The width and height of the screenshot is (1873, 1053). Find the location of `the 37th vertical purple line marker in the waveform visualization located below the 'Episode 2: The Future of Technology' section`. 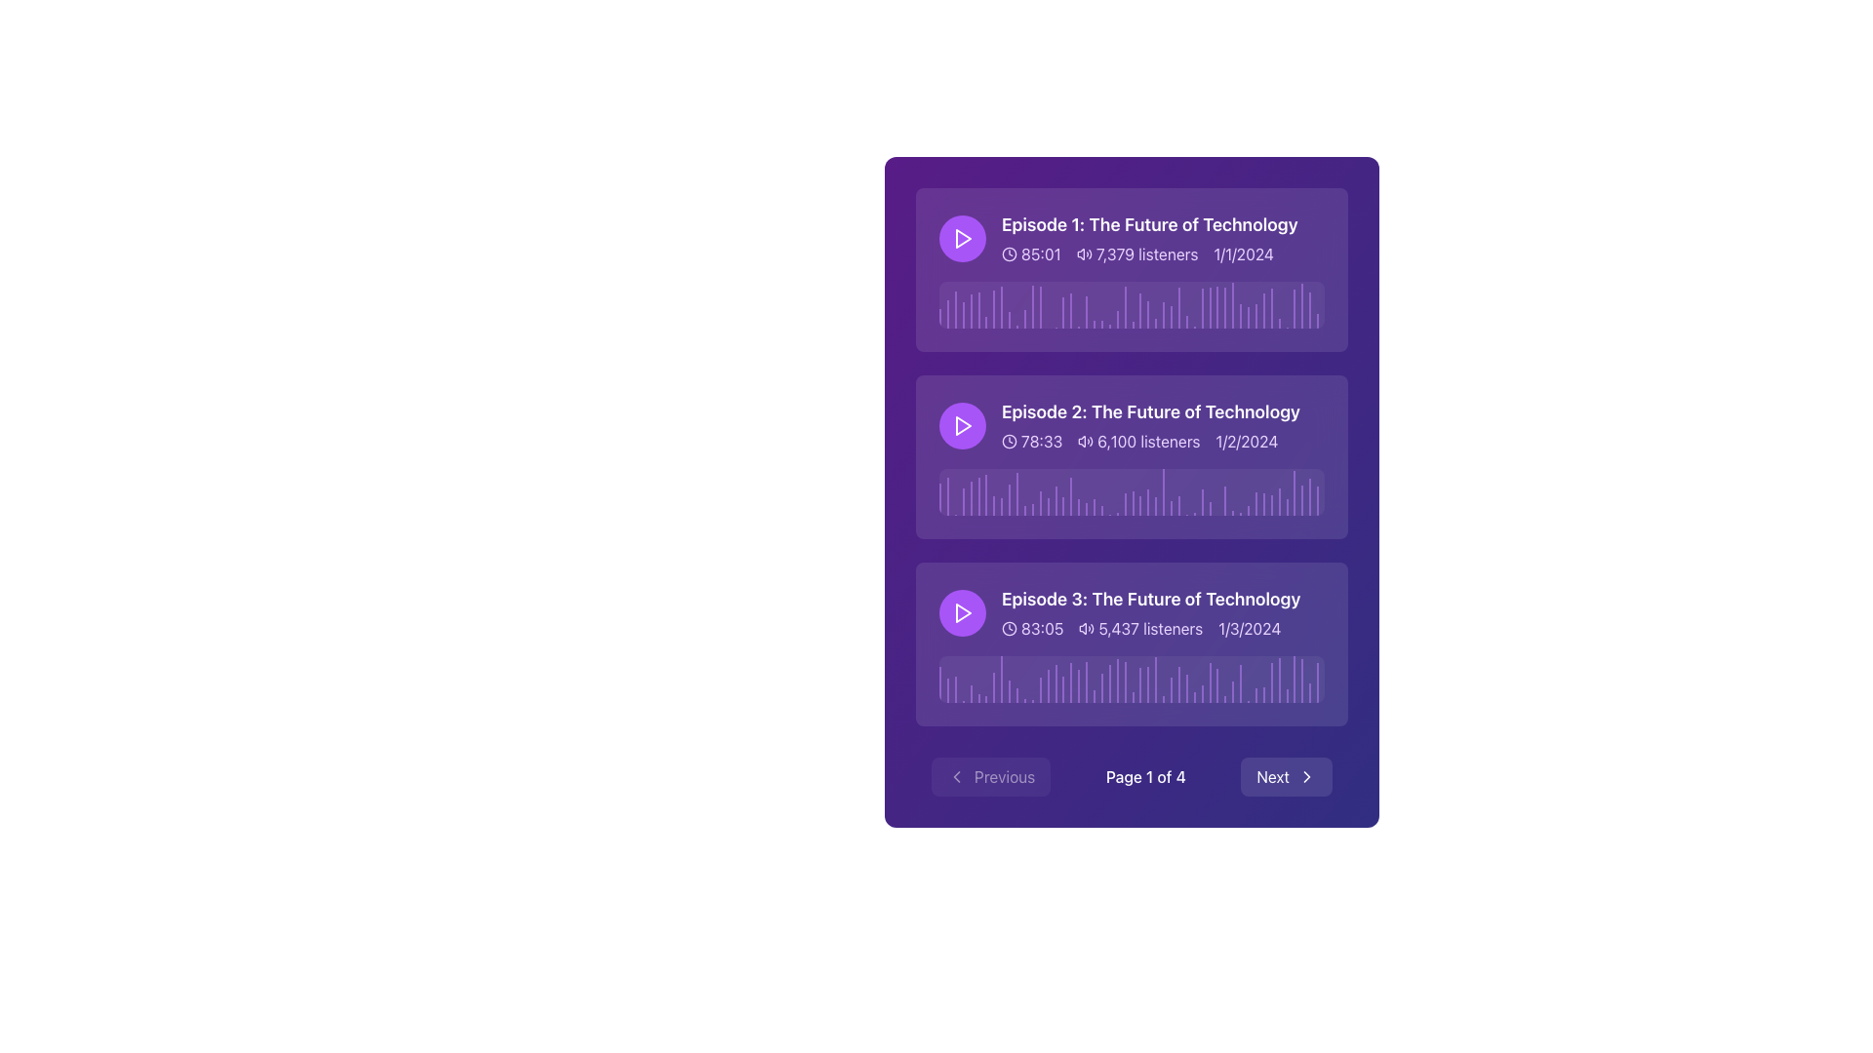

the 37th vertical purple line marker in the waveform visualization located below the 'Episode 2: The Future of Technology' section is located at coordinates (1224, 499).